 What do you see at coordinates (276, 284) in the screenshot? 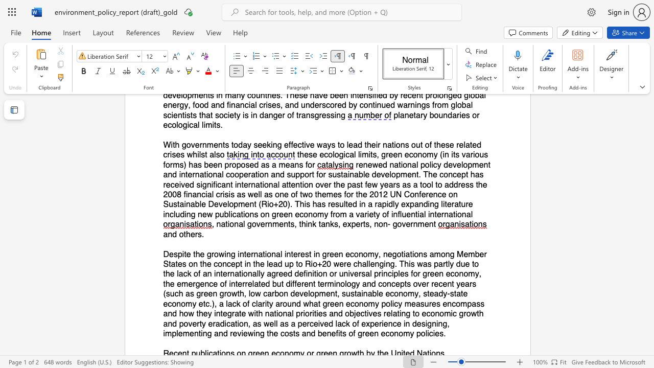
I see `the subset text "ut different terminology and concepts over recent years (such as green growth, low carbon development, sustainable economy, steady‐state economy etc.), a lack of clarity around what green economy policy measures encompass and how they integrate with national priorities and objectives relating to economic growth and povert" within the text "Despite the growing international interest in green economy, negotiations among Member States on the concept in the lead up to Rio+20 were challenging. This was partly due to the lack of an internationally agreed definition or universal principles for green economy, the emergence of interrelated but different terminology and concepts over recent years (such as green growth, low carbon development, sustainable economy, steady‐state economy etc.), a lack of clarity around what green economy policy measures encompass and how they integrate with national priorities and objectives relating to economic growth and poverty eradication, as well as a perceived lack of experience in designing, implementing and reviewing the costs and benefits of green economy policies."` at bounding box center [276, 284].